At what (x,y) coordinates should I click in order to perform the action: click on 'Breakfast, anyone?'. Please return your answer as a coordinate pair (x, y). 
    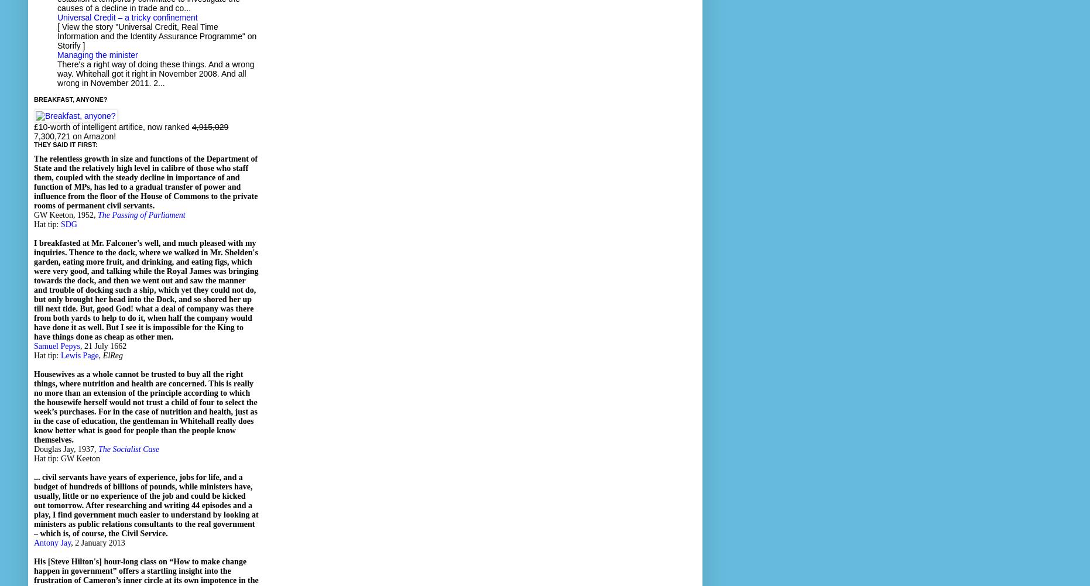
    Looking at the image, I should click on (33, 99).